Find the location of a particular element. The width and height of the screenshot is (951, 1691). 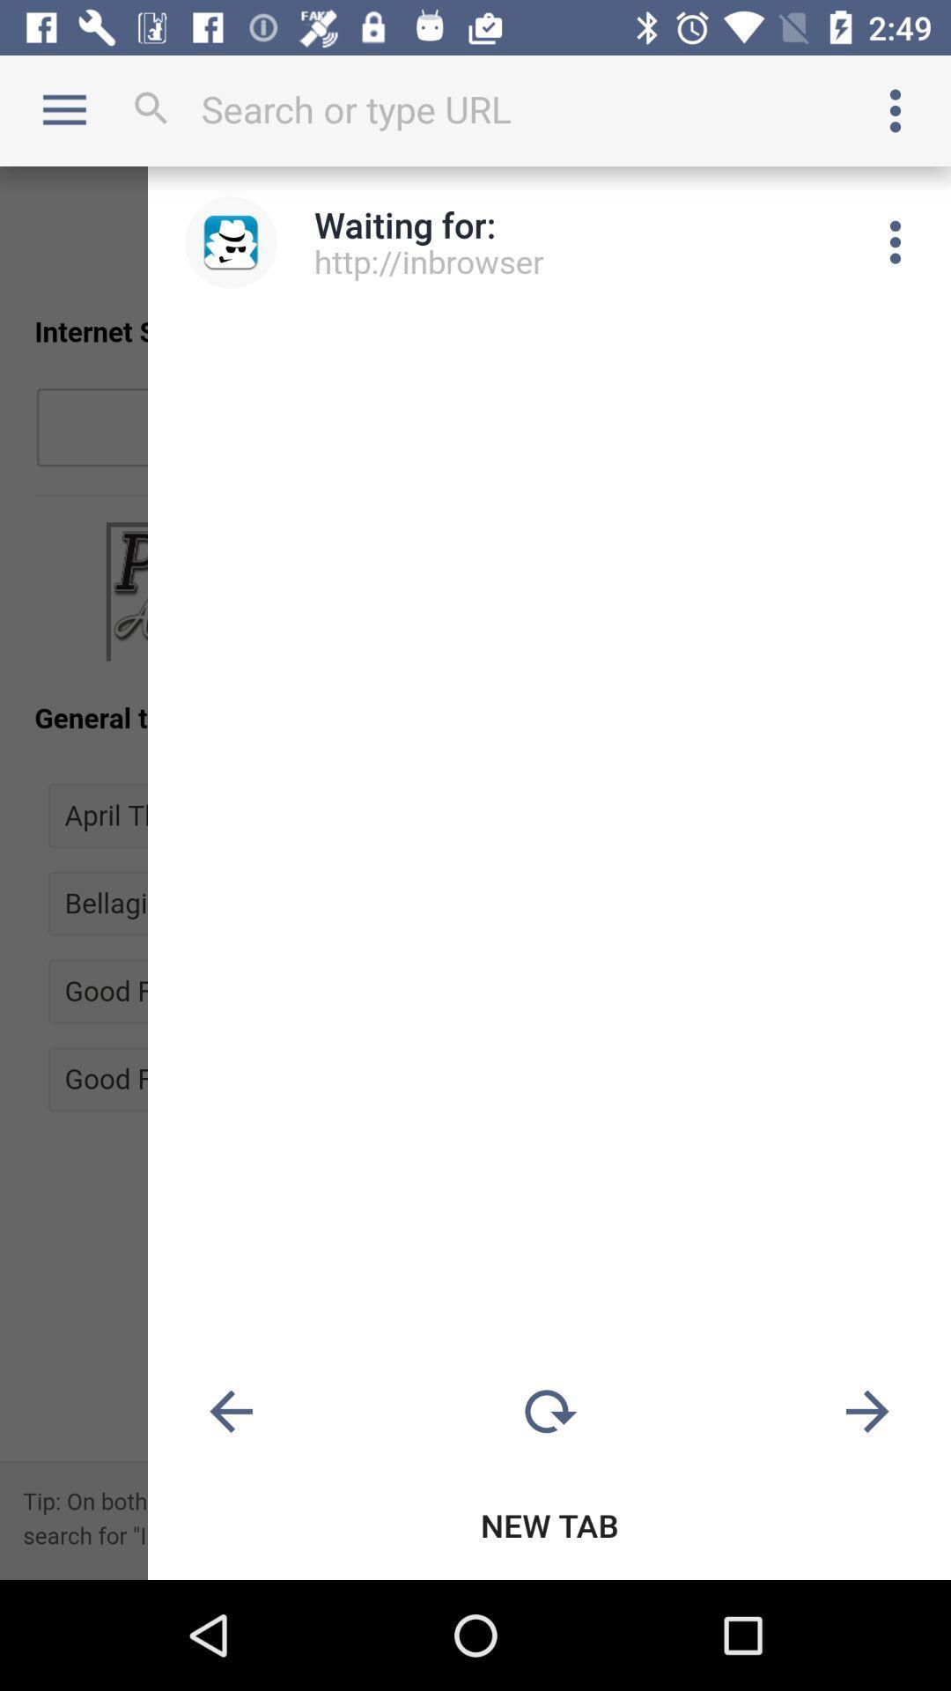

options is located at coordinates (896, 109).